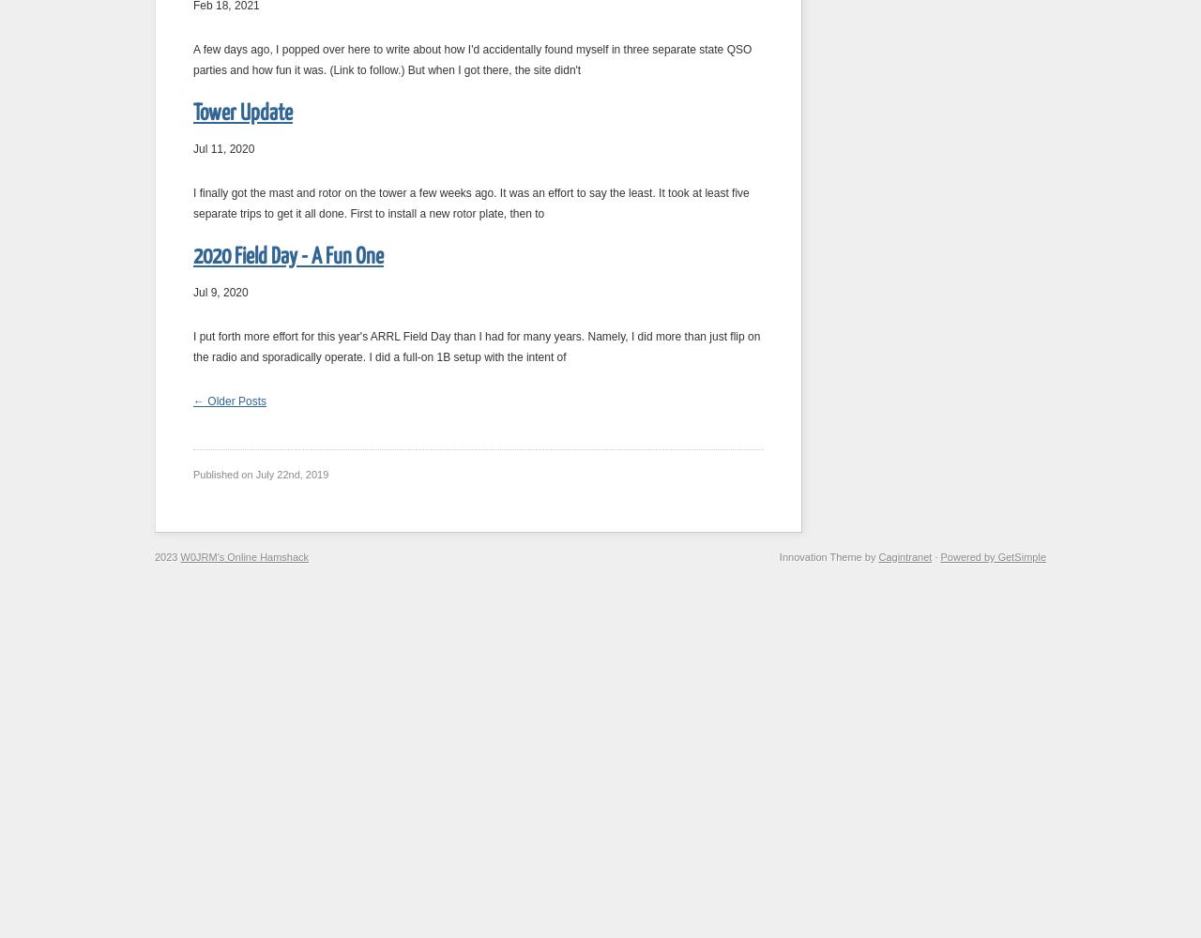  I want to click on '2020 Field Day - A Fun One', so click(287, 257).